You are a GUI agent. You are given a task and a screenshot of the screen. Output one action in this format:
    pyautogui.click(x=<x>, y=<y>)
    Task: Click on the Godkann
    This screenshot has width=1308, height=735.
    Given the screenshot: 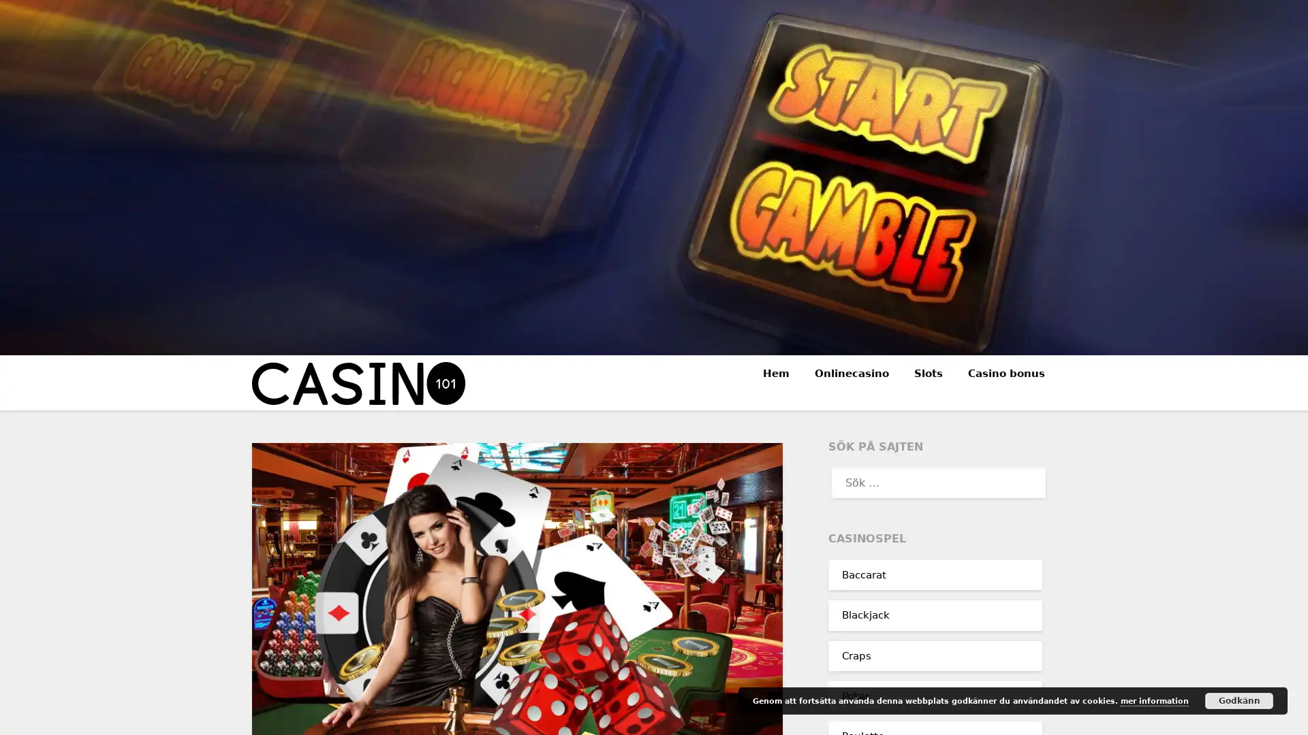 What is the action you would take?
    pyautogui.click(x=1239, y=700)
    